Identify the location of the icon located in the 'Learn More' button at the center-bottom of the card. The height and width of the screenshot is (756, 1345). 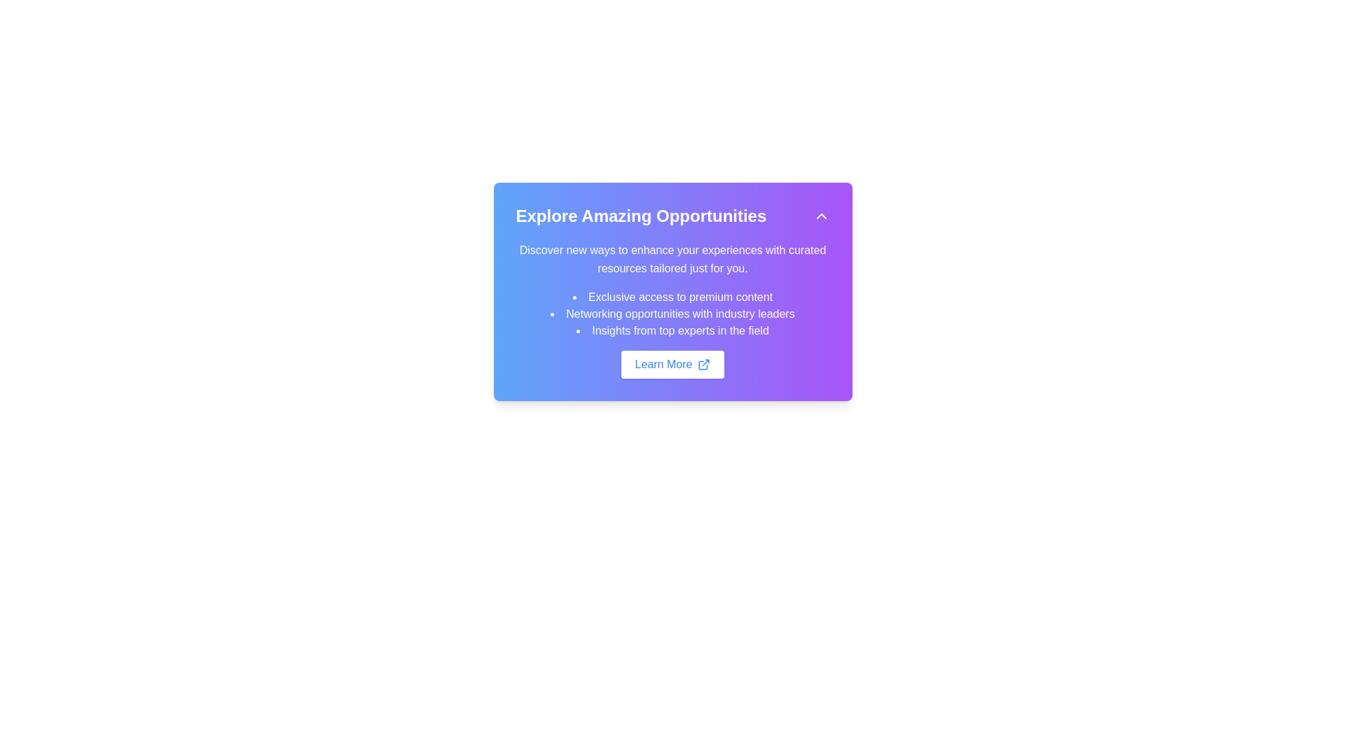
(704, 363).